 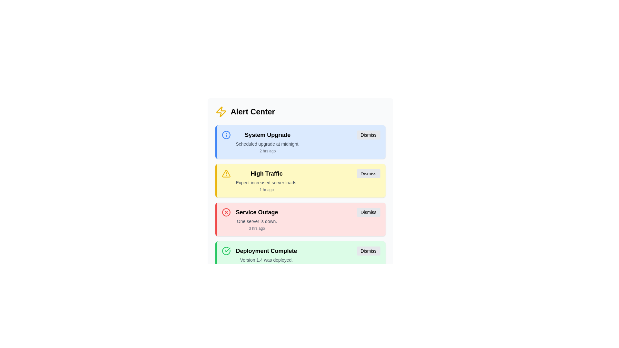 I want to click on the 'Dismiss' button with light gray rounded corners located at the top-right corner of the 'System Upgrade' notification card, so click(x=368, y=135).